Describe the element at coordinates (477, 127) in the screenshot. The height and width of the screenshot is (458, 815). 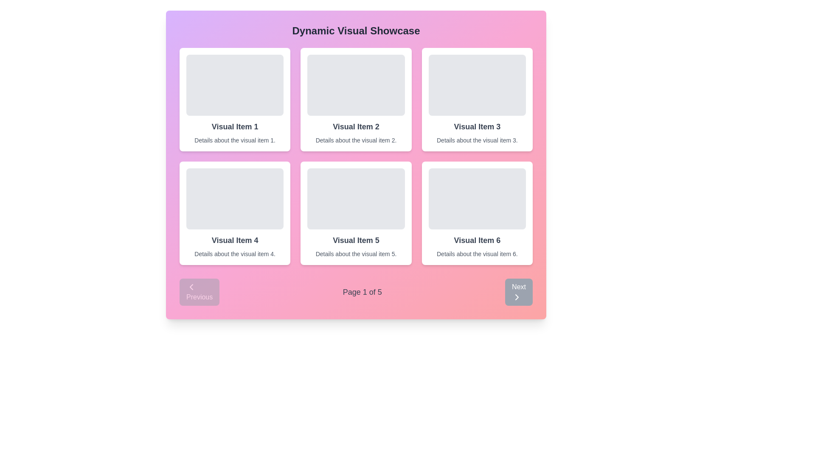
I see `the text label displaying 'Visual Item 3', which is located in the upper-right card of the layout, positioned below the top graphic and above the description text` at that location.